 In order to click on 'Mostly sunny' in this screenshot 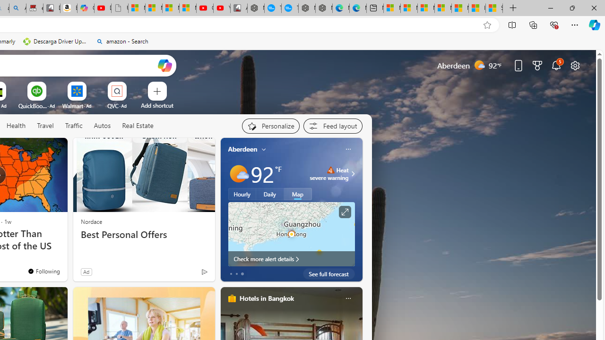, I will do `click(238, 174)`.